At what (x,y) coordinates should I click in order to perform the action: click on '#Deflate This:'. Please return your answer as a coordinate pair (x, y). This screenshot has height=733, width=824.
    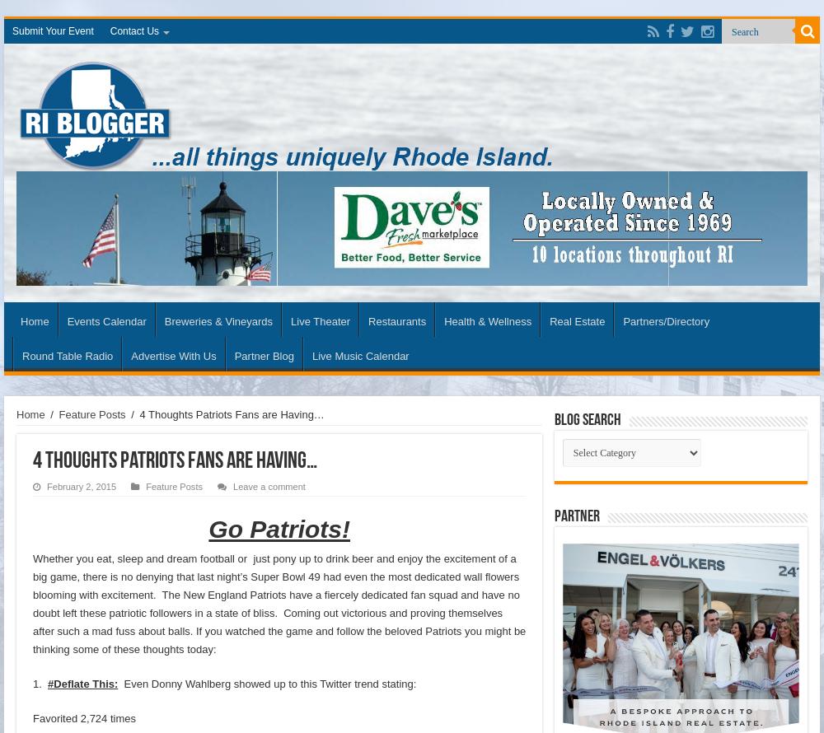
    Looking at the image, I should click on (48, 682).